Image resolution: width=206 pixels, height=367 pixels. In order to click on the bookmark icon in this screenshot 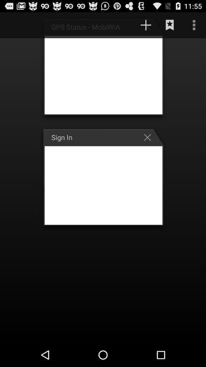, I will do `click(170, 27)`.